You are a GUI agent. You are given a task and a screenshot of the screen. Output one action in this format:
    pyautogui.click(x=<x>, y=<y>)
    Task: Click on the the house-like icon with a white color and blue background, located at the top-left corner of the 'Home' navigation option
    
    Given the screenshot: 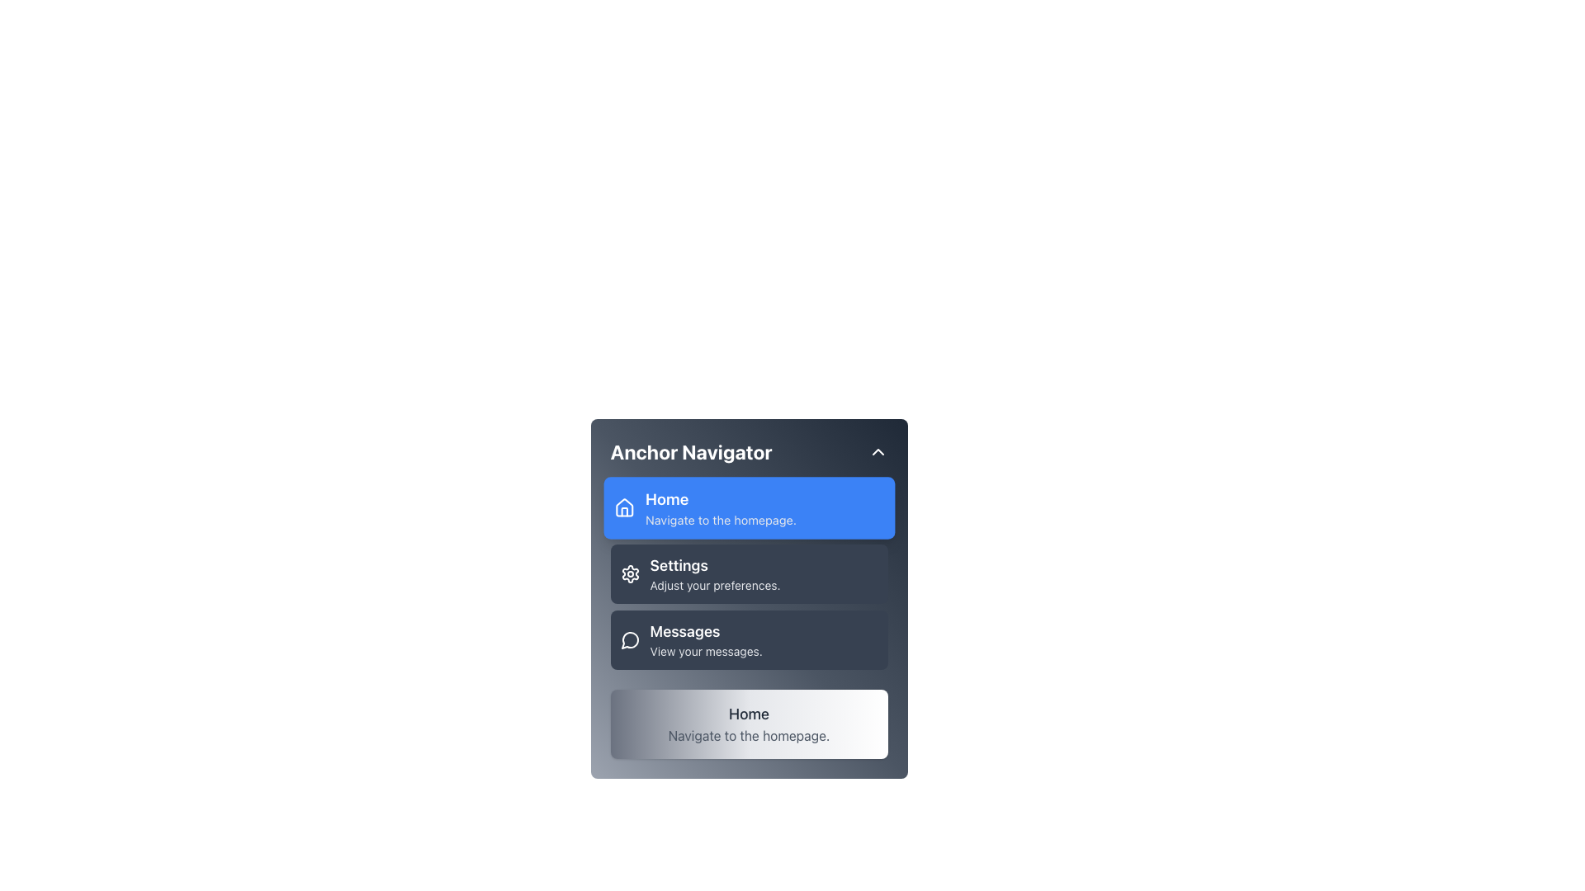 What is the action you would take?
    pyautogui.click(x=623, y=507)
    